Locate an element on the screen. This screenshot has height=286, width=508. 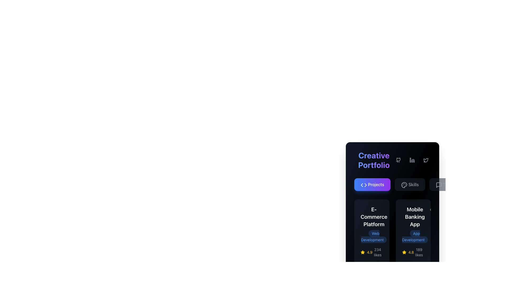
the decorative 'Skills' icon located towards the left side of the button labeled 'Skills' is located at coordinates (403, 184).